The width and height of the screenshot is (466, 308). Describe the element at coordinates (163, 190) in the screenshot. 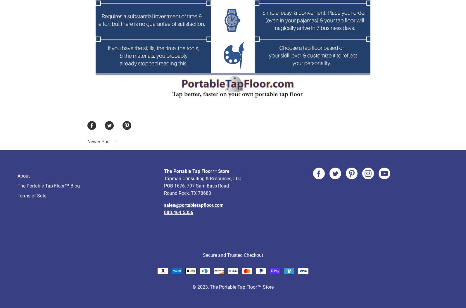

I see `'888.464.5356'` at that location.